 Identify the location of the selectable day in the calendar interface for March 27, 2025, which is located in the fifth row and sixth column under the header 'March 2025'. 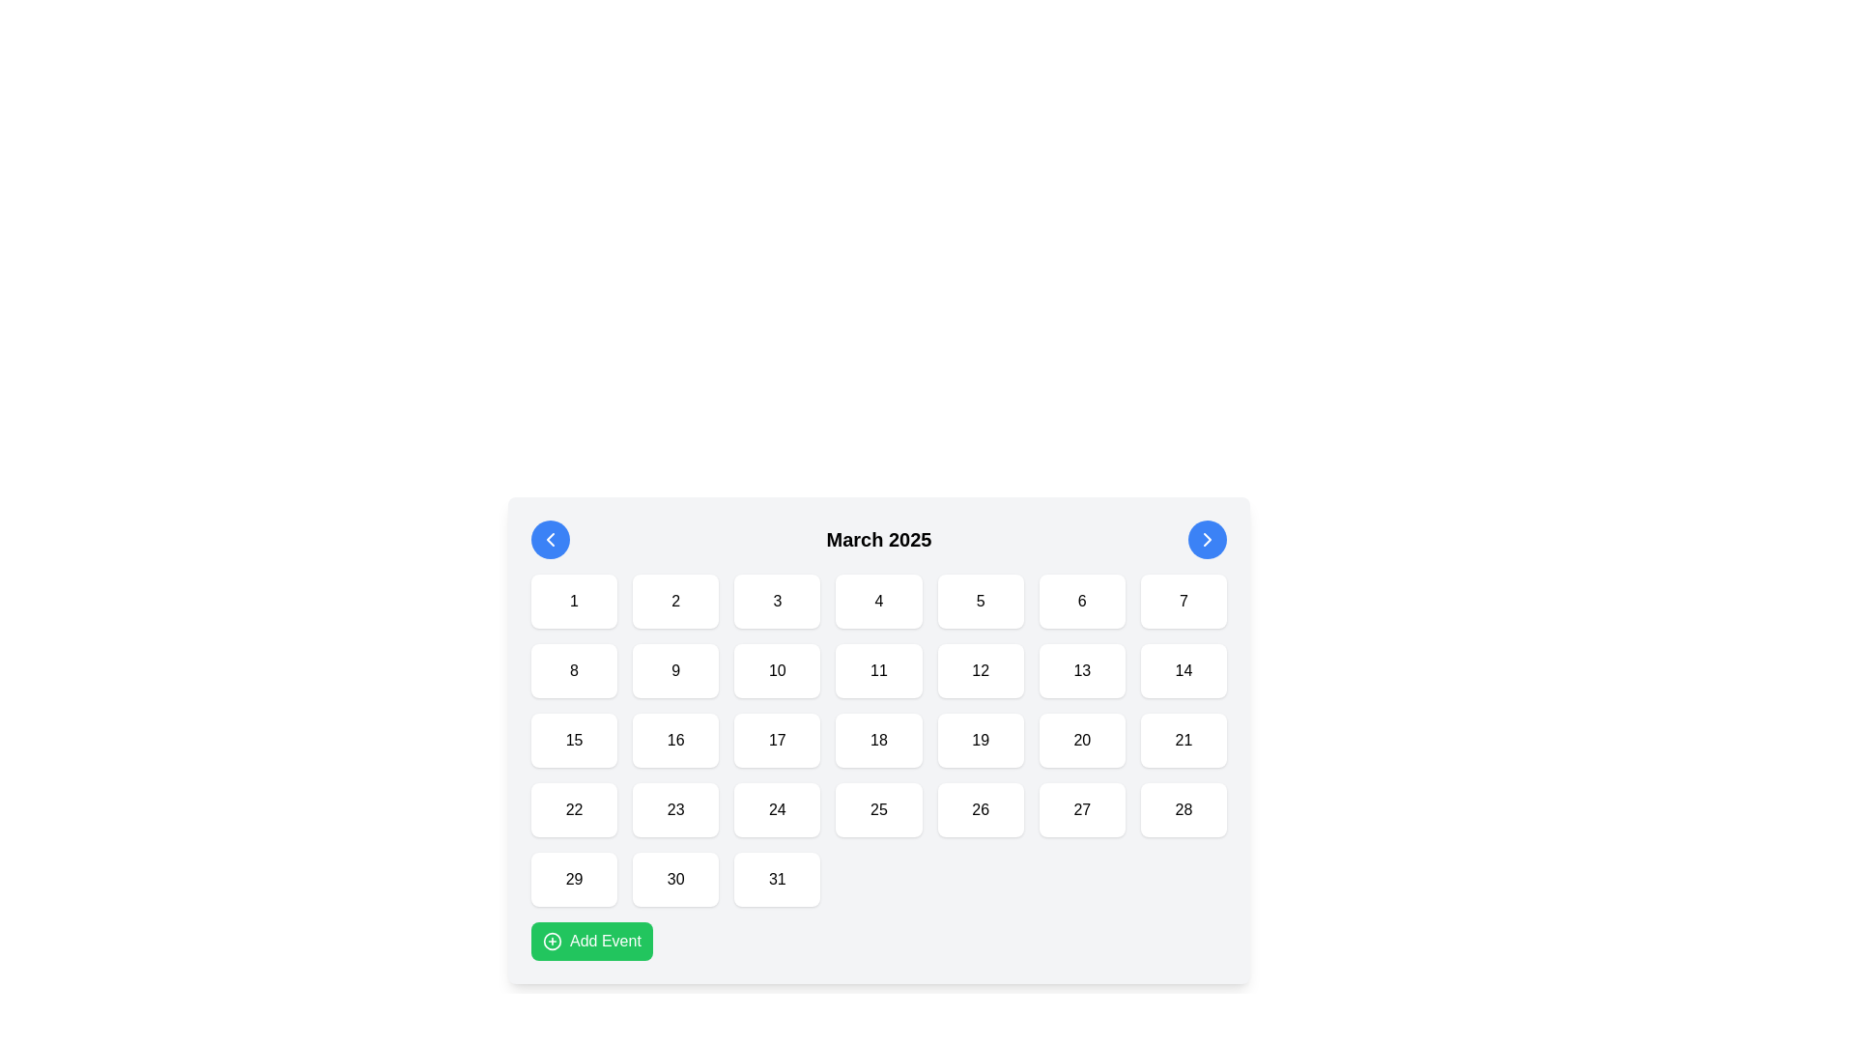
(1082, 810).